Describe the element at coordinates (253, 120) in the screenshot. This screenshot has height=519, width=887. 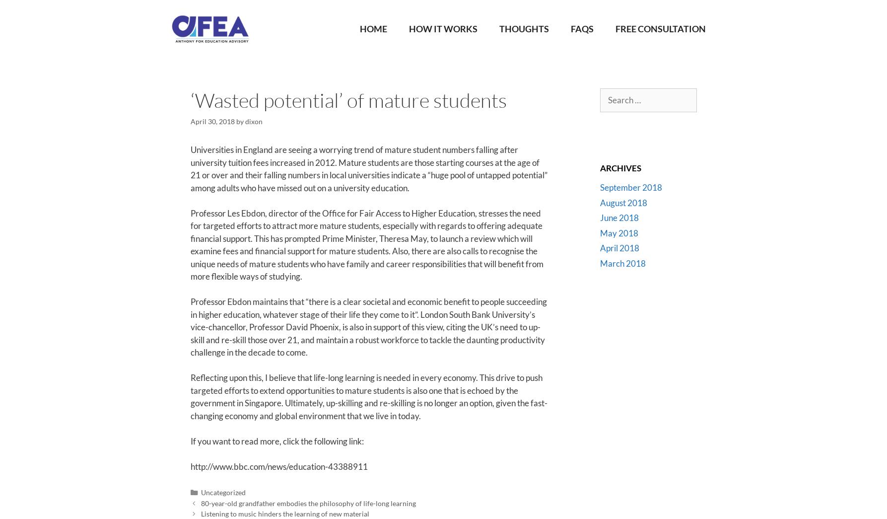
I see `'dixon'` at that location.